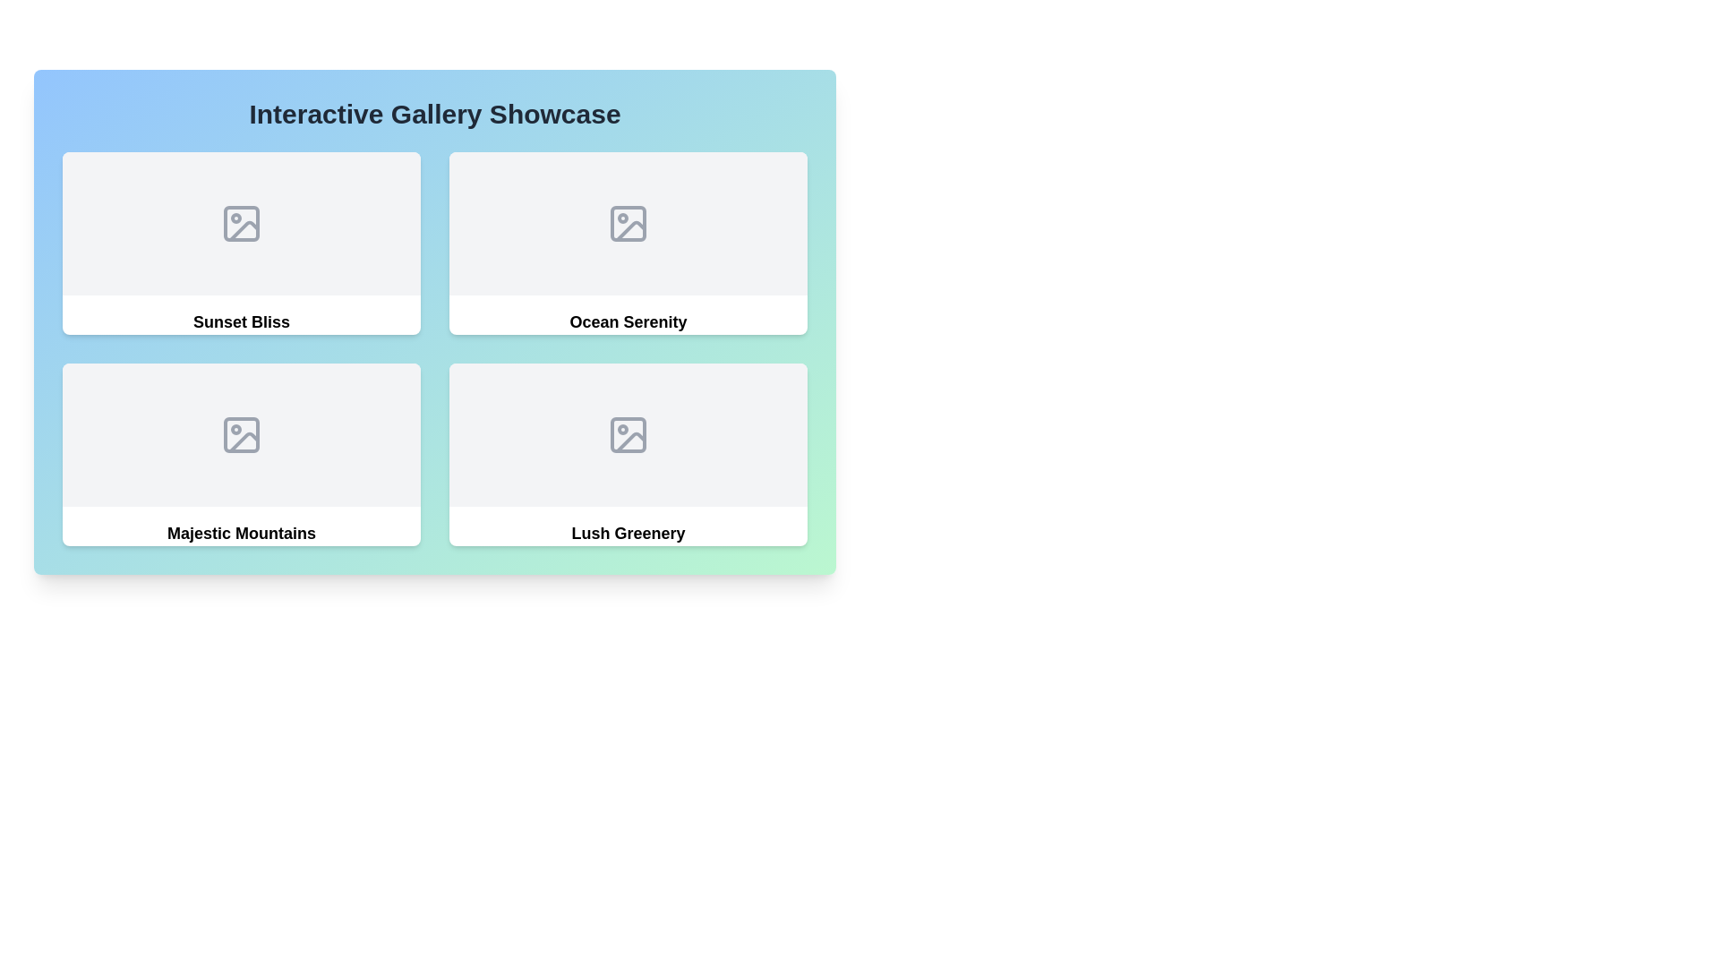  Describe the element at coordinates (240, 244) in the screenshot. I see `the 'Sunset Bliss' interactive card located in the top-left corner of the grid` at that location.